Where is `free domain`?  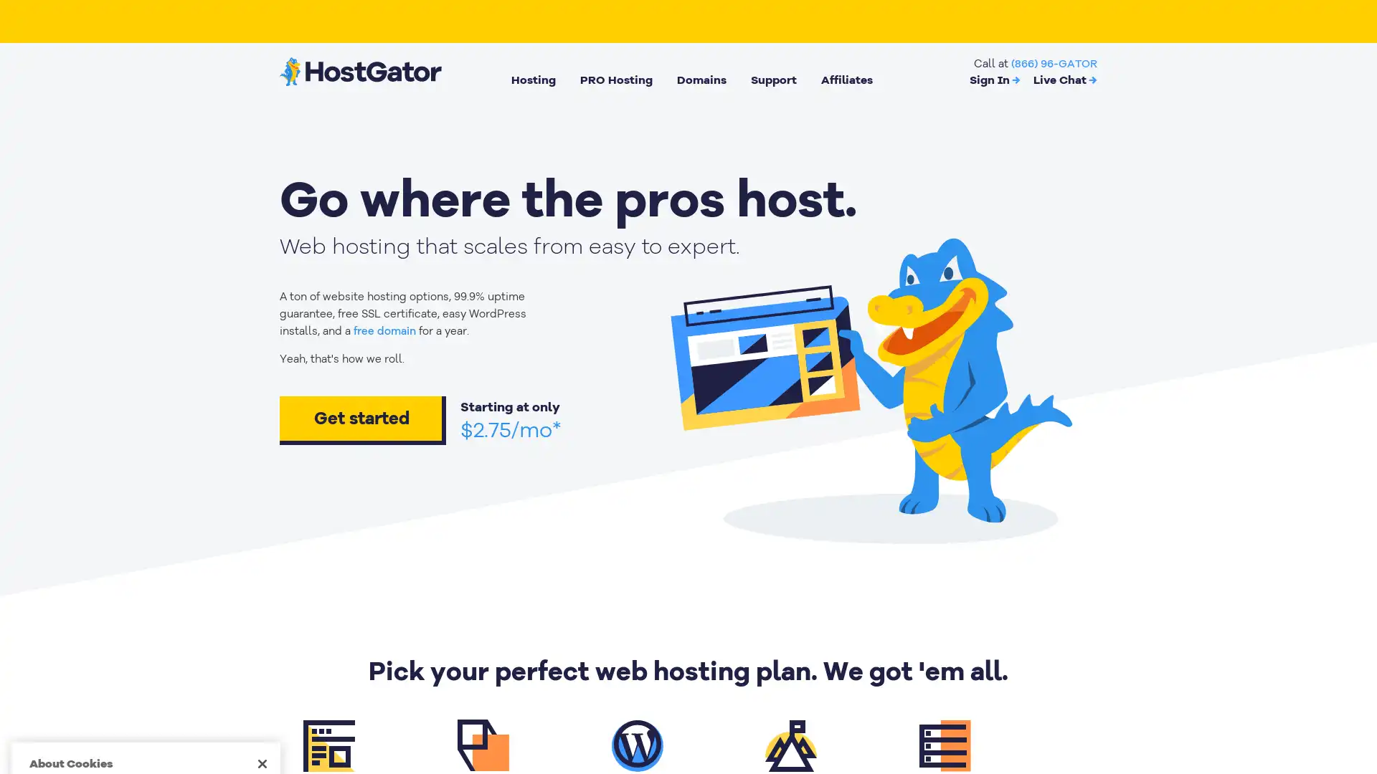
free domain is located at coordinates (384, 331).